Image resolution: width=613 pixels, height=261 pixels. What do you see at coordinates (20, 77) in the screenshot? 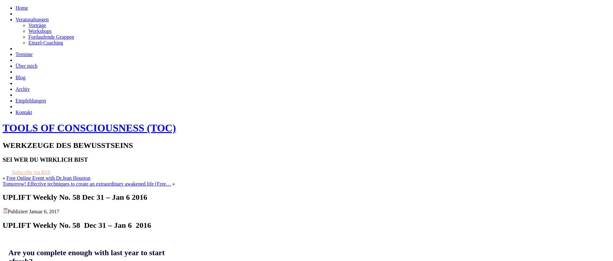
I see `'Blog'` at bounding box center [20, 77].